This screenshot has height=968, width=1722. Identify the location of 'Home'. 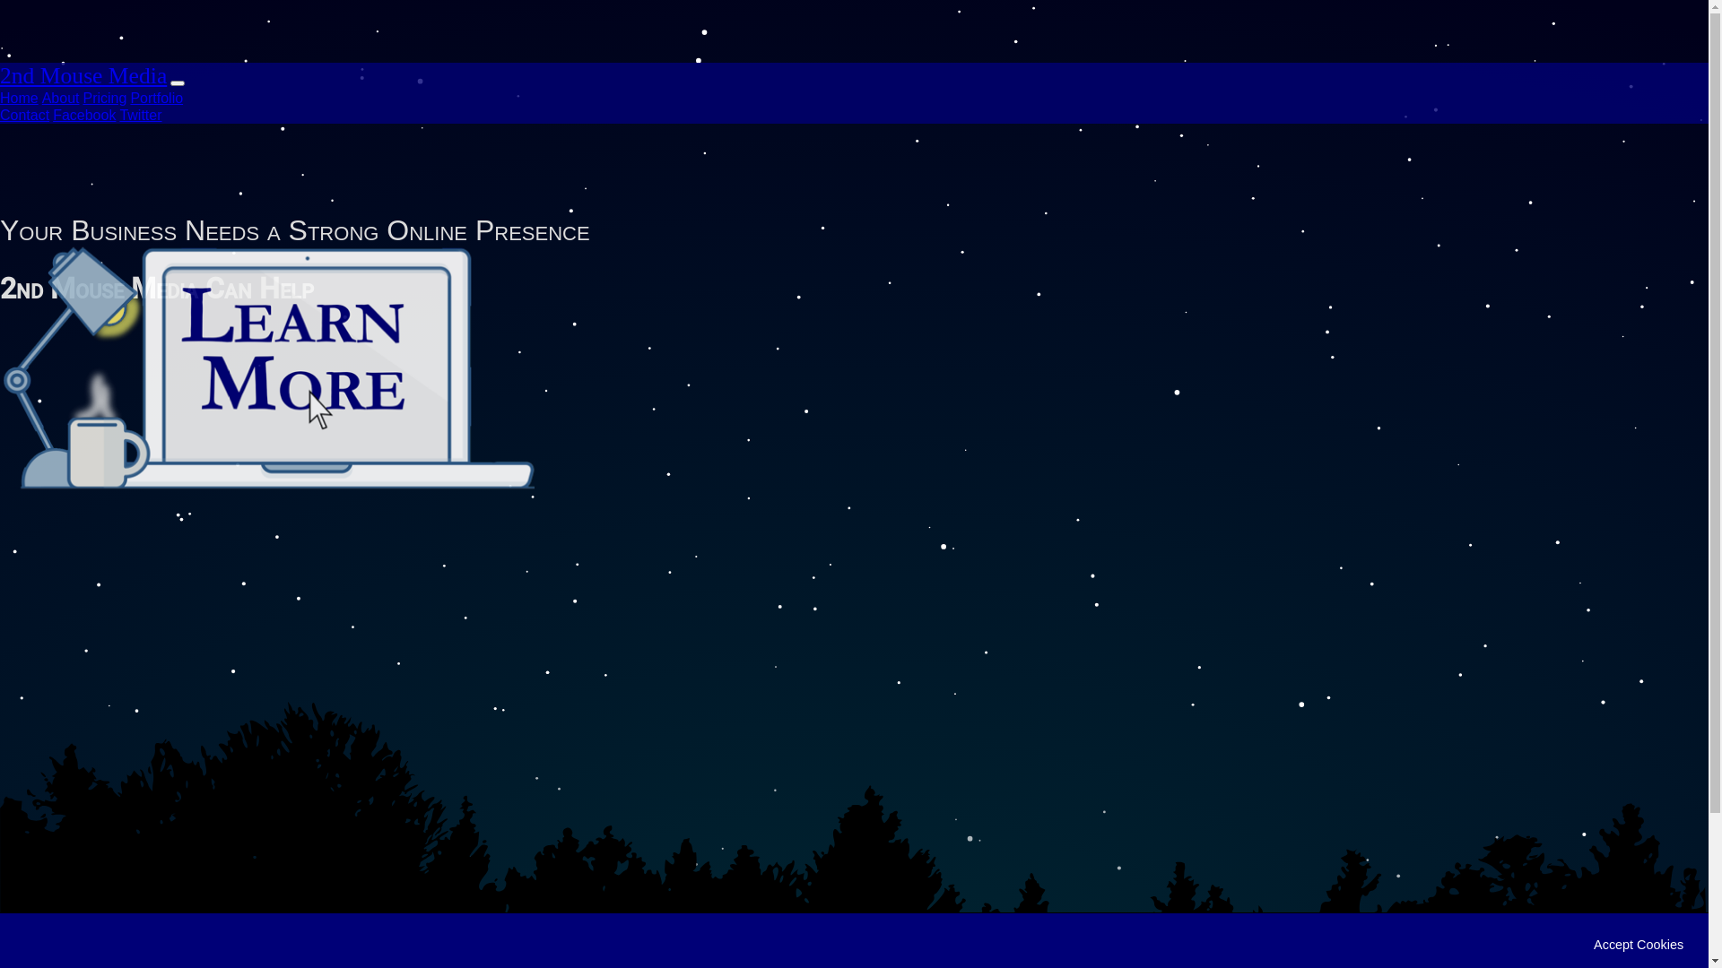
(19, 98).